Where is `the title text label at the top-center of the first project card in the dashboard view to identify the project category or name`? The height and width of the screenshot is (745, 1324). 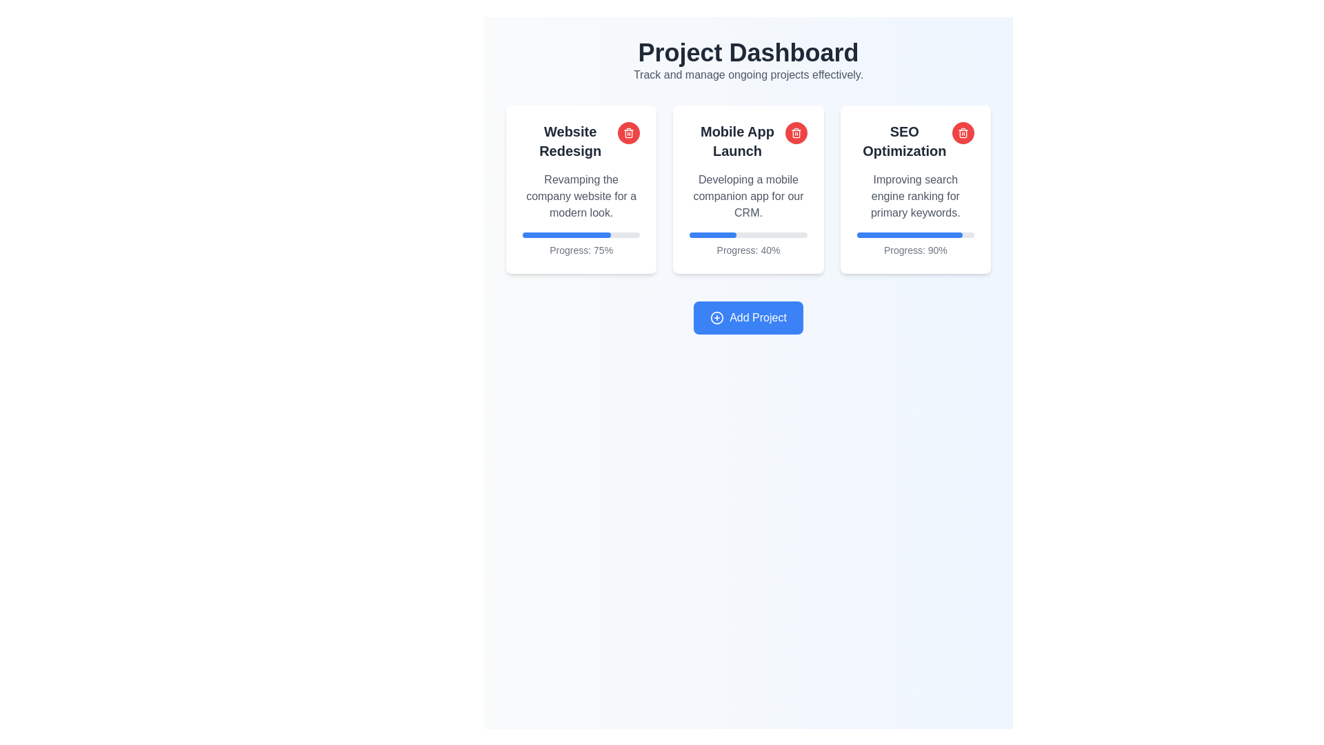
the title text label at the top-center of the first project card in the dashboard view to identify the project category or name is located at coordinates (570, 141).